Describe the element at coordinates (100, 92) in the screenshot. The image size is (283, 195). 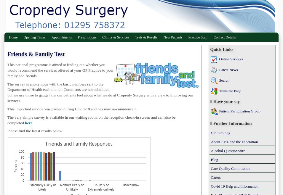
I see `'The survey is anonymous with the basic numbers sent to the Department of Health each month. Comments are not submitted but we use those to gauge how our patients feel about what we do at Cropredy Surgery with a view to improving our services.'` at that location.